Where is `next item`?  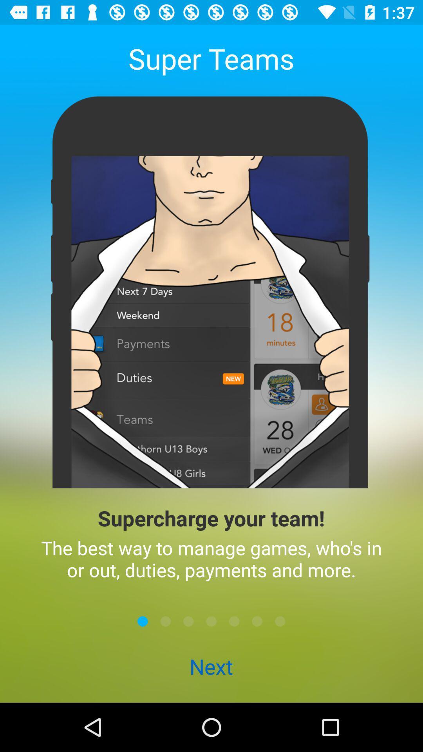 next item is located at coordinates (188, 621).